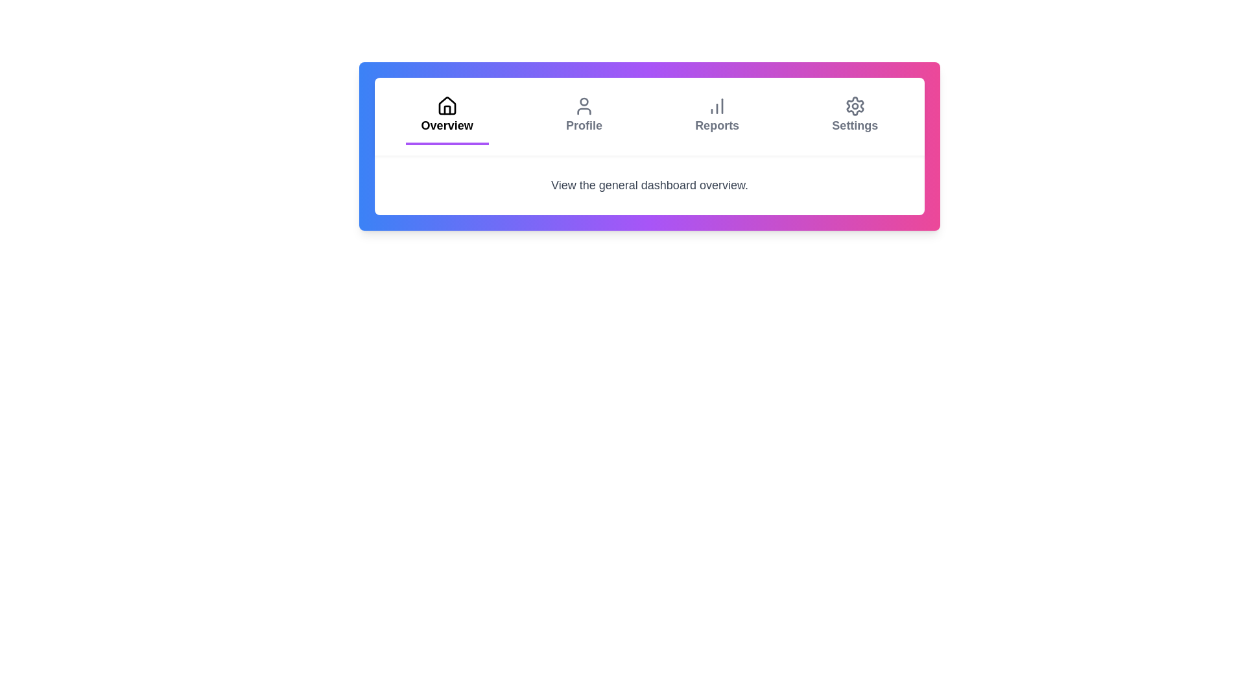 This screenshot has height=700, width=1245. What do you see at coordinates (583, 106) in the screenshot?
I see `the user-shaped icon in dark gray color above the word 'Profile' in the navigation bar` at bounding box center [583, 106].